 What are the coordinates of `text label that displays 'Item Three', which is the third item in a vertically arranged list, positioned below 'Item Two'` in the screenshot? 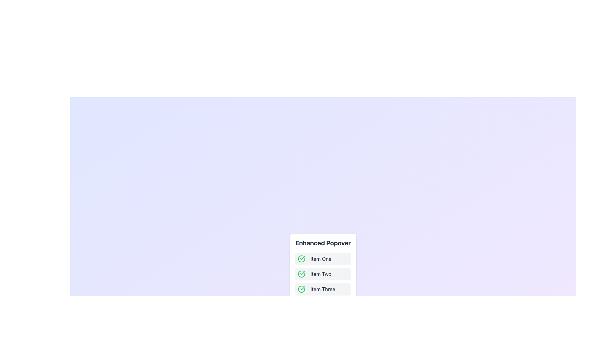 It's located at (323, 289).